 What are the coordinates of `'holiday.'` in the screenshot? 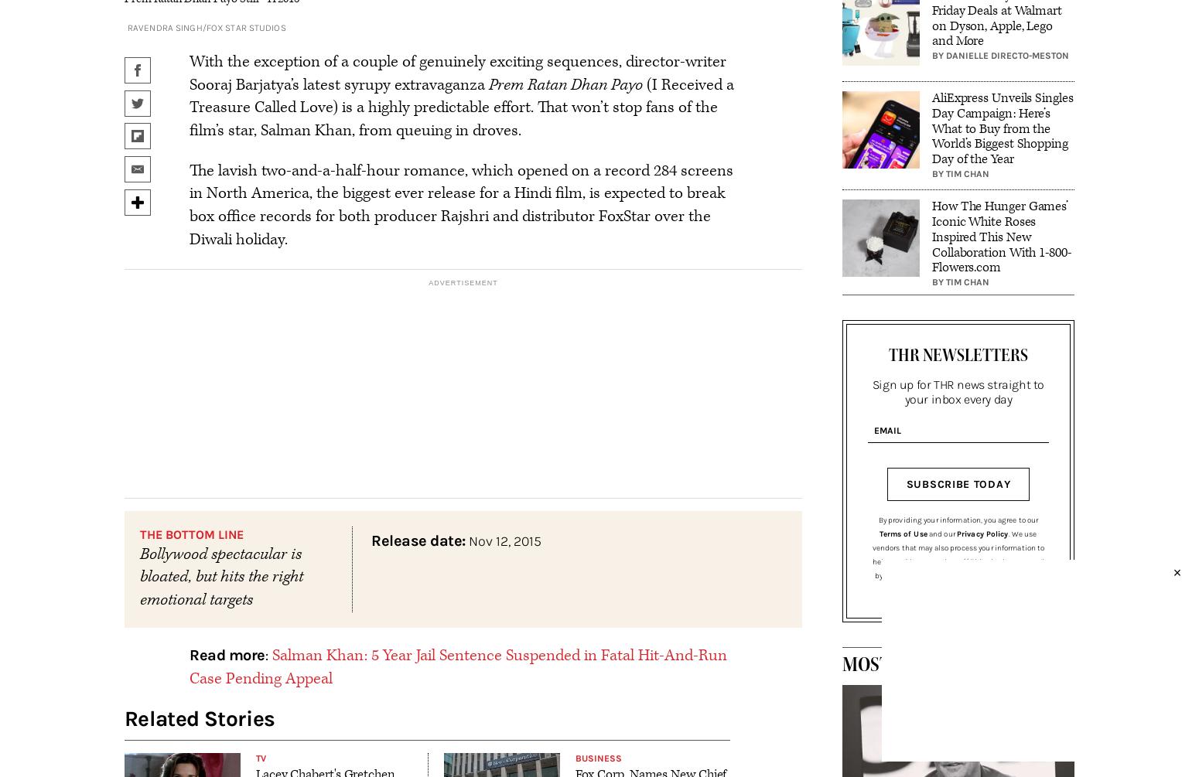 It's located at (259, 238).